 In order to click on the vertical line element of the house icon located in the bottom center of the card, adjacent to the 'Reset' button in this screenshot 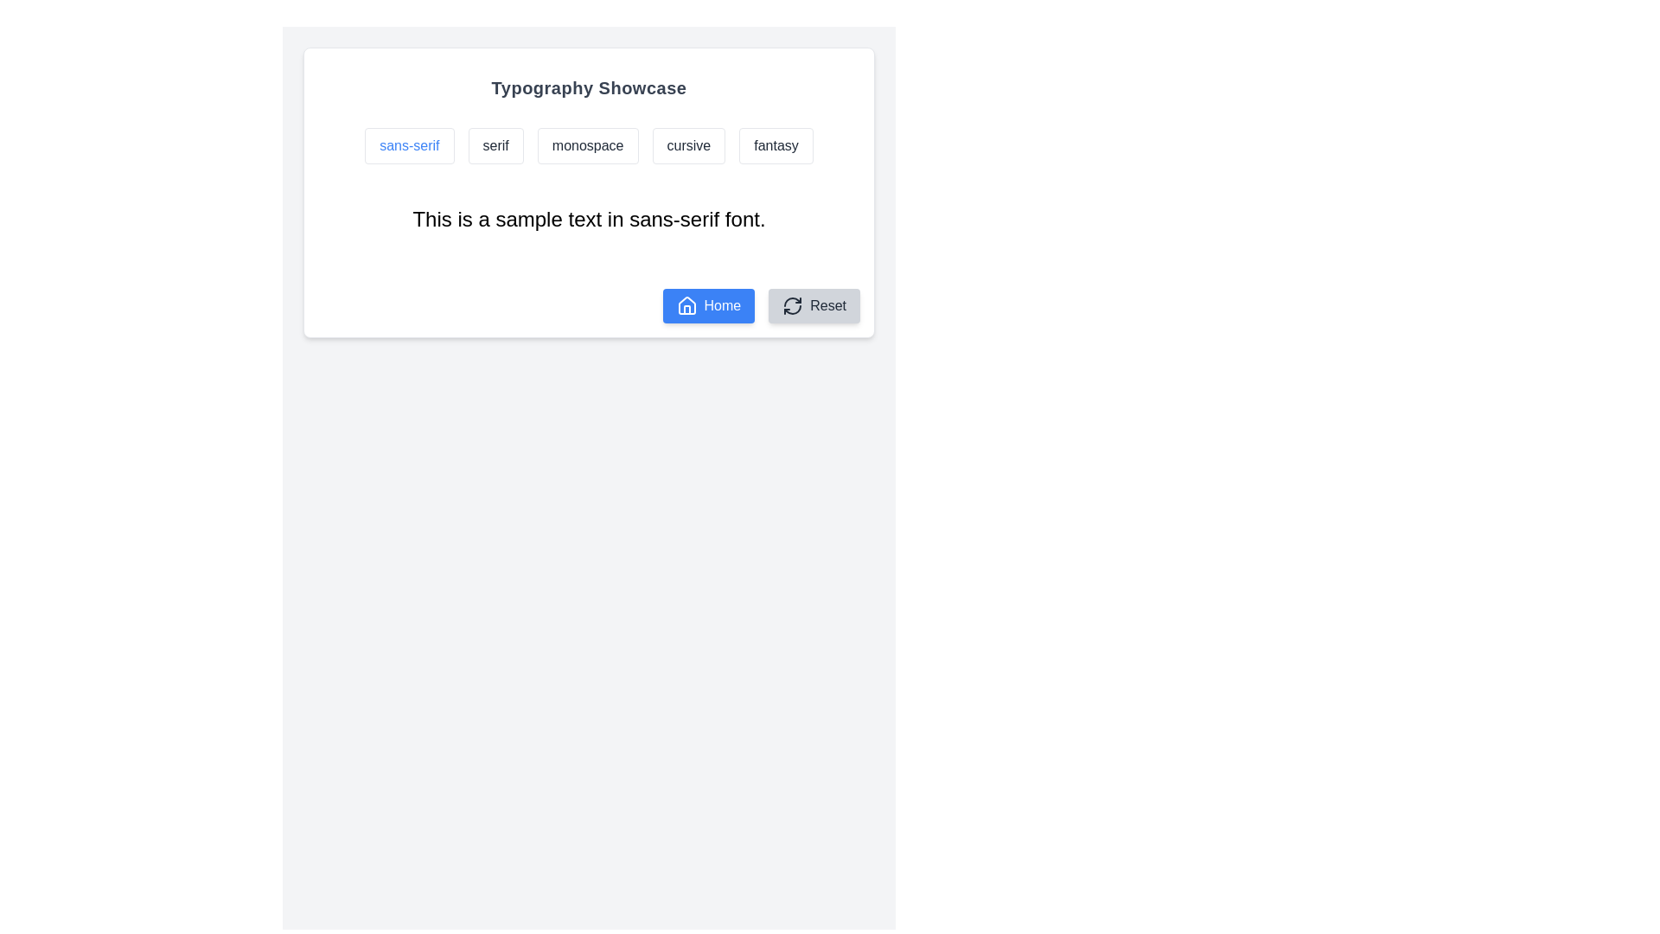, I will do `click(686, 309)`.